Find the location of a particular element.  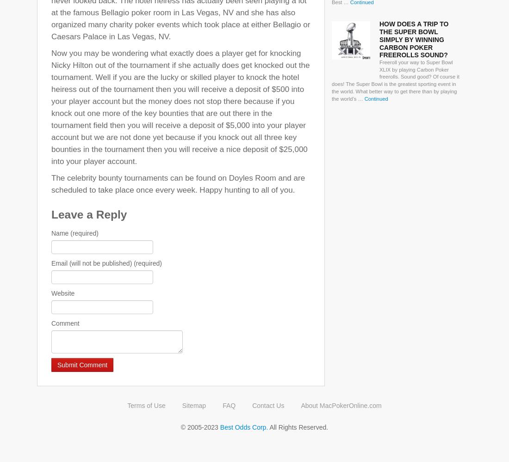

'Continued' is located at coordinates (376, 98).